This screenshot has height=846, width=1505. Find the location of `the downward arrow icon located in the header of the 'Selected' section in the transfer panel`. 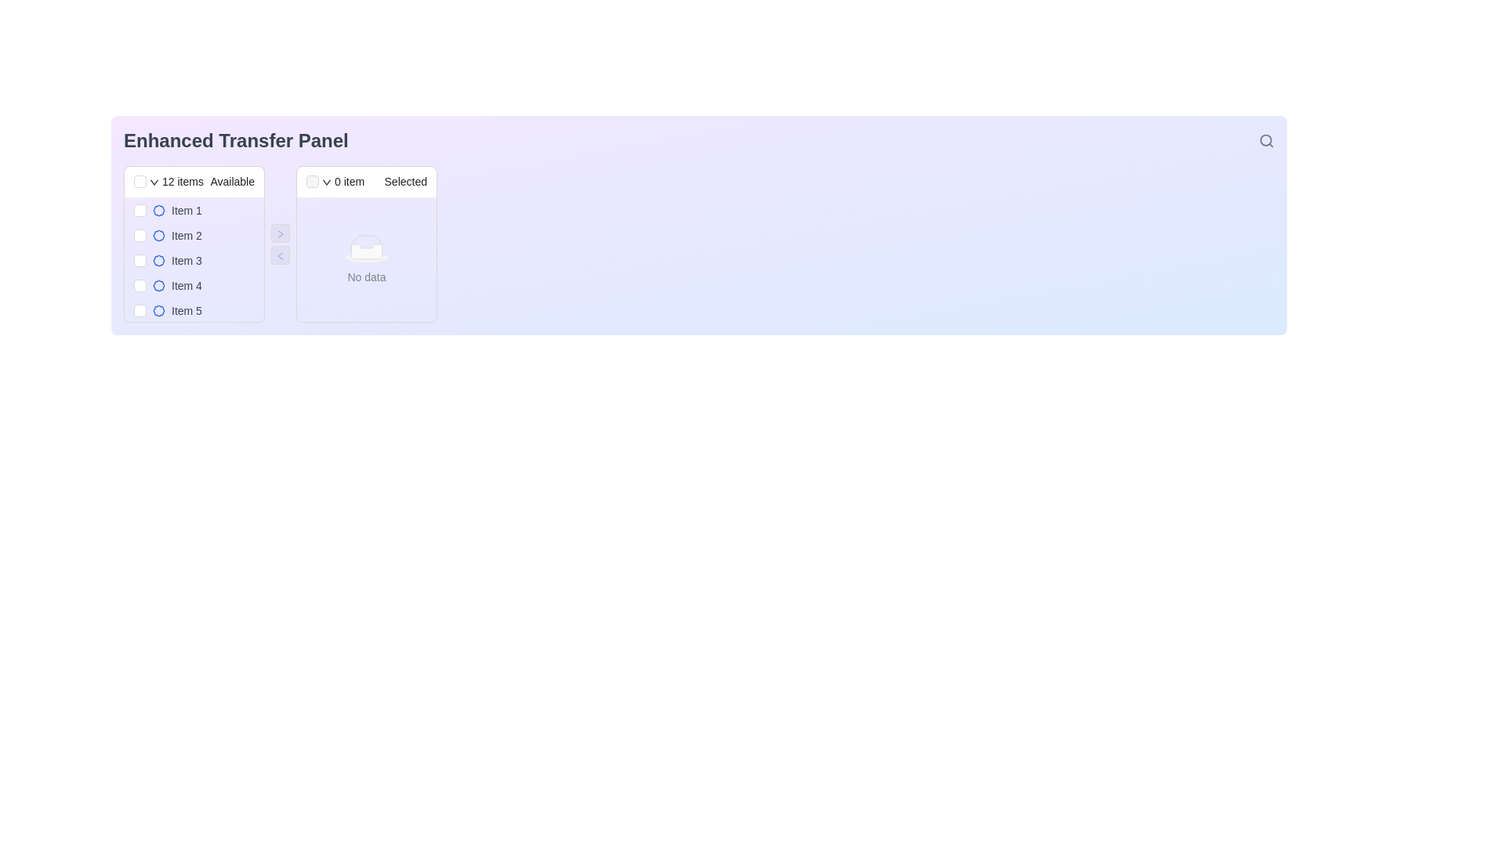

the downward arrow icon located in the header of the 'Selected' section in the transfer panel is located at coordinates (326, 181).